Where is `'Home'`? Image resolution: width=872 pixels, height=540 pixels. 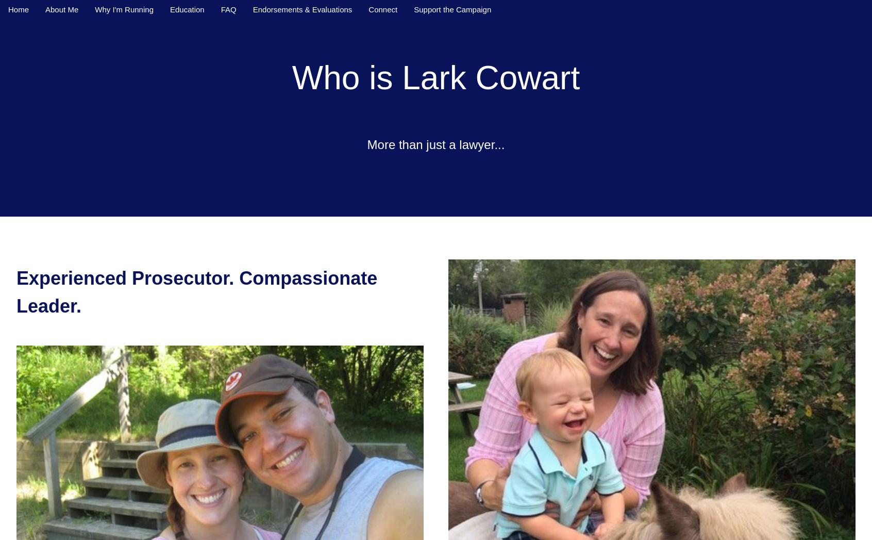 'Home' is located at coordinates (18, 9).